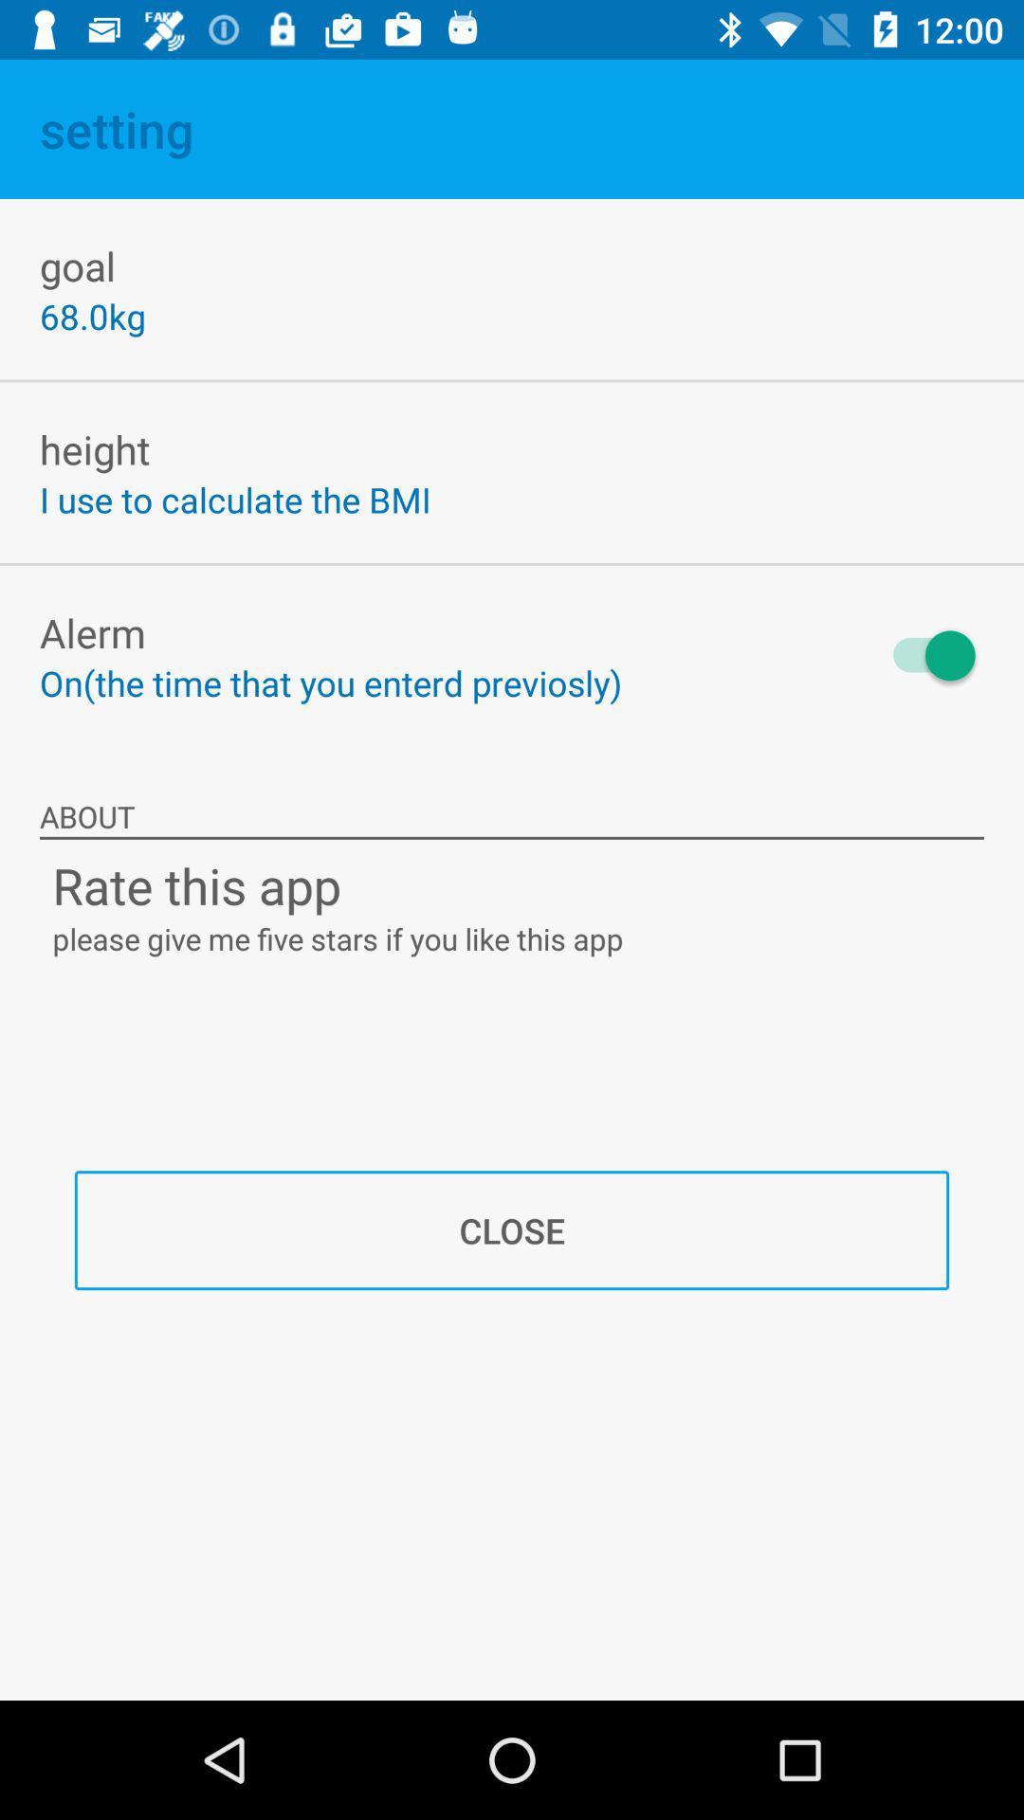 The width and height of the screenshot is (1024, 1820). I want to click on close, so click(512, 1229).